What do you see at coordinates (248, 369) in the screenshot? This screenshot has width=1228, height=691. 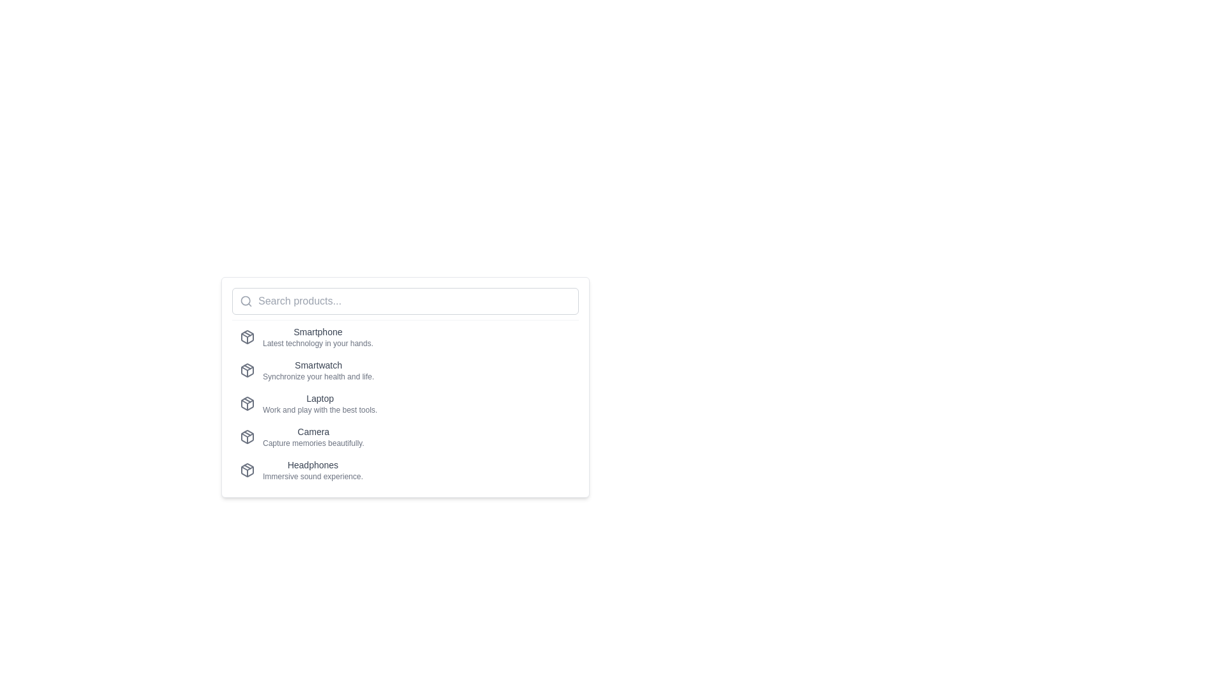 I see `the SVG graphical element representing the 'Smartwatch' icon, located centrally in the interface and to the left of the text 'Smartwatch'` at bounding box center [248, 369].